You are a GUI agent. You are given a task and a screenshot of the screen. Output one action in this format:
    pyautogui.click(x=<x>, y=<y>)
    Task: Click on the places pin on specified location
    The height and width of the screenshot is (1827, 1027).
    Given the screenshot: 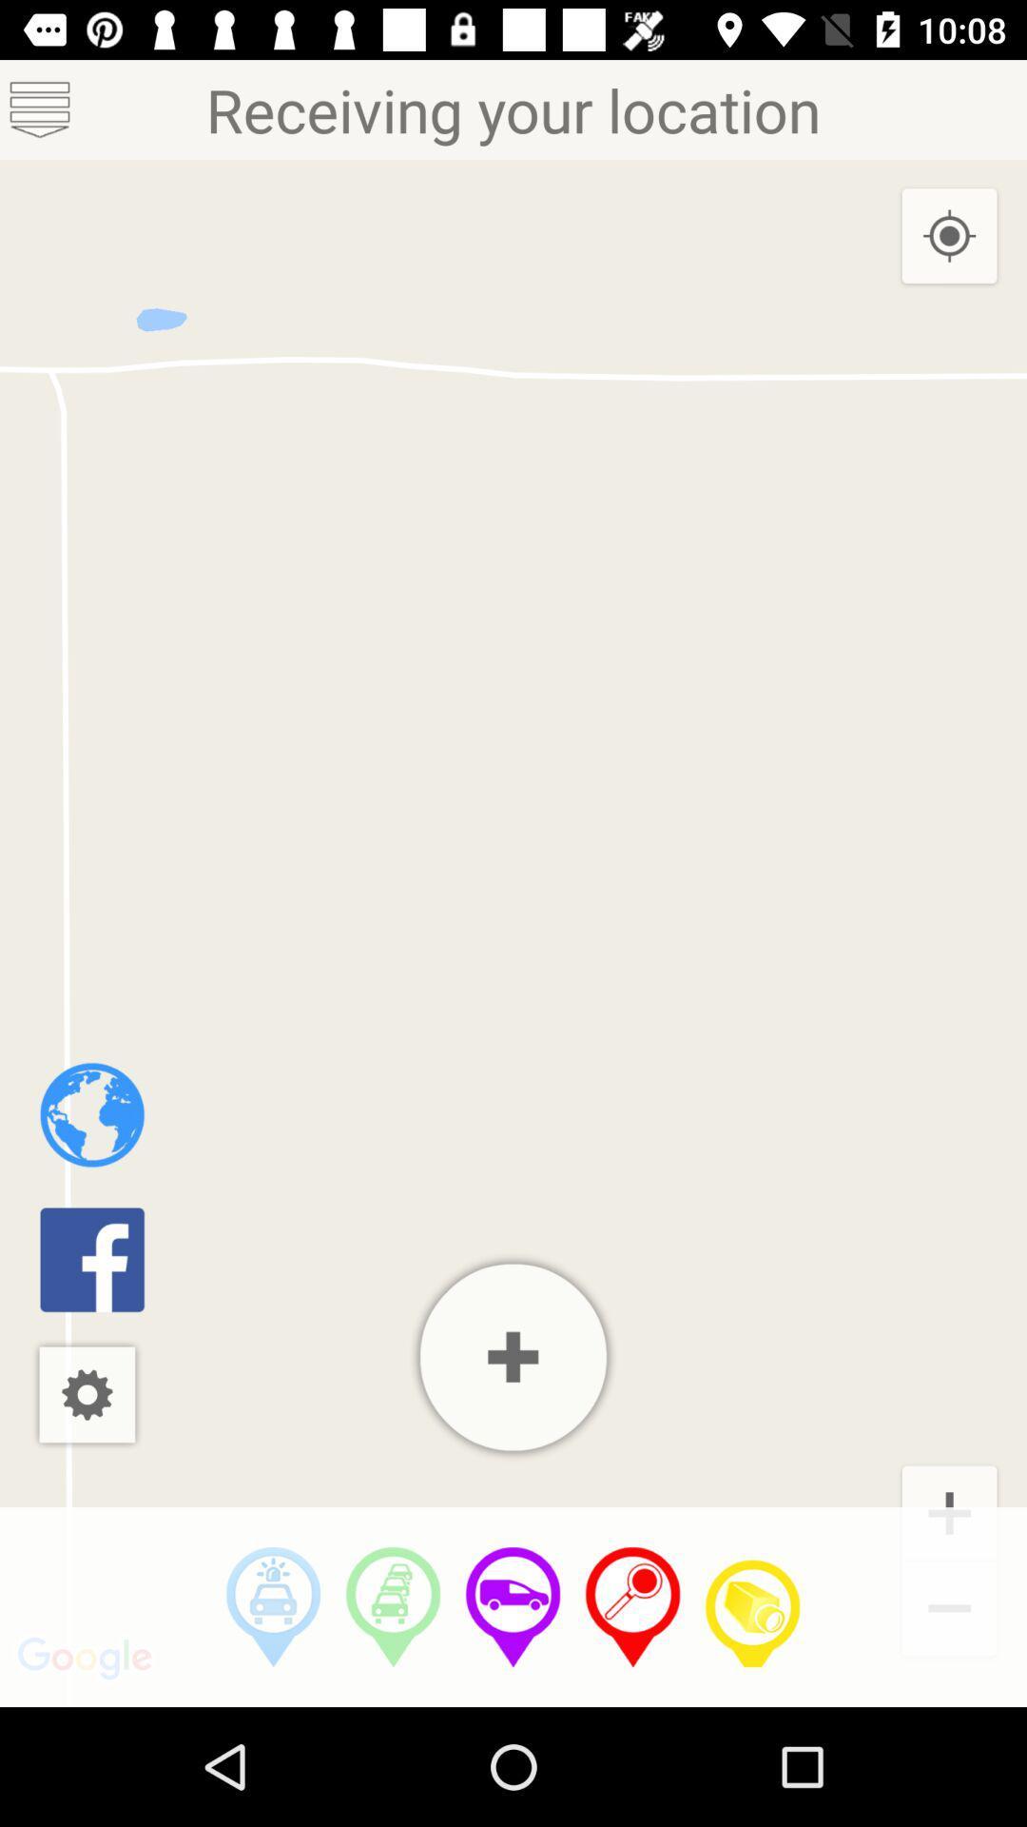 What is the action you would take?
    pyautogui.click(x=633, y=1606)
    